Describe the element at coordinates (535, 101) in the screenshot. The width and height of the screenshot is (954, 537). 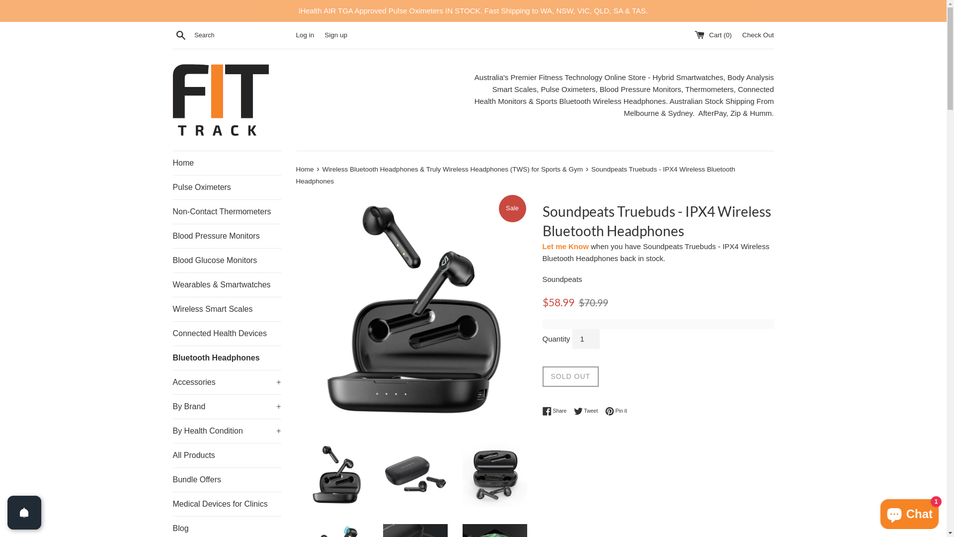
I see `'Sports Bluetooth Wireless Headphones'` at that location.